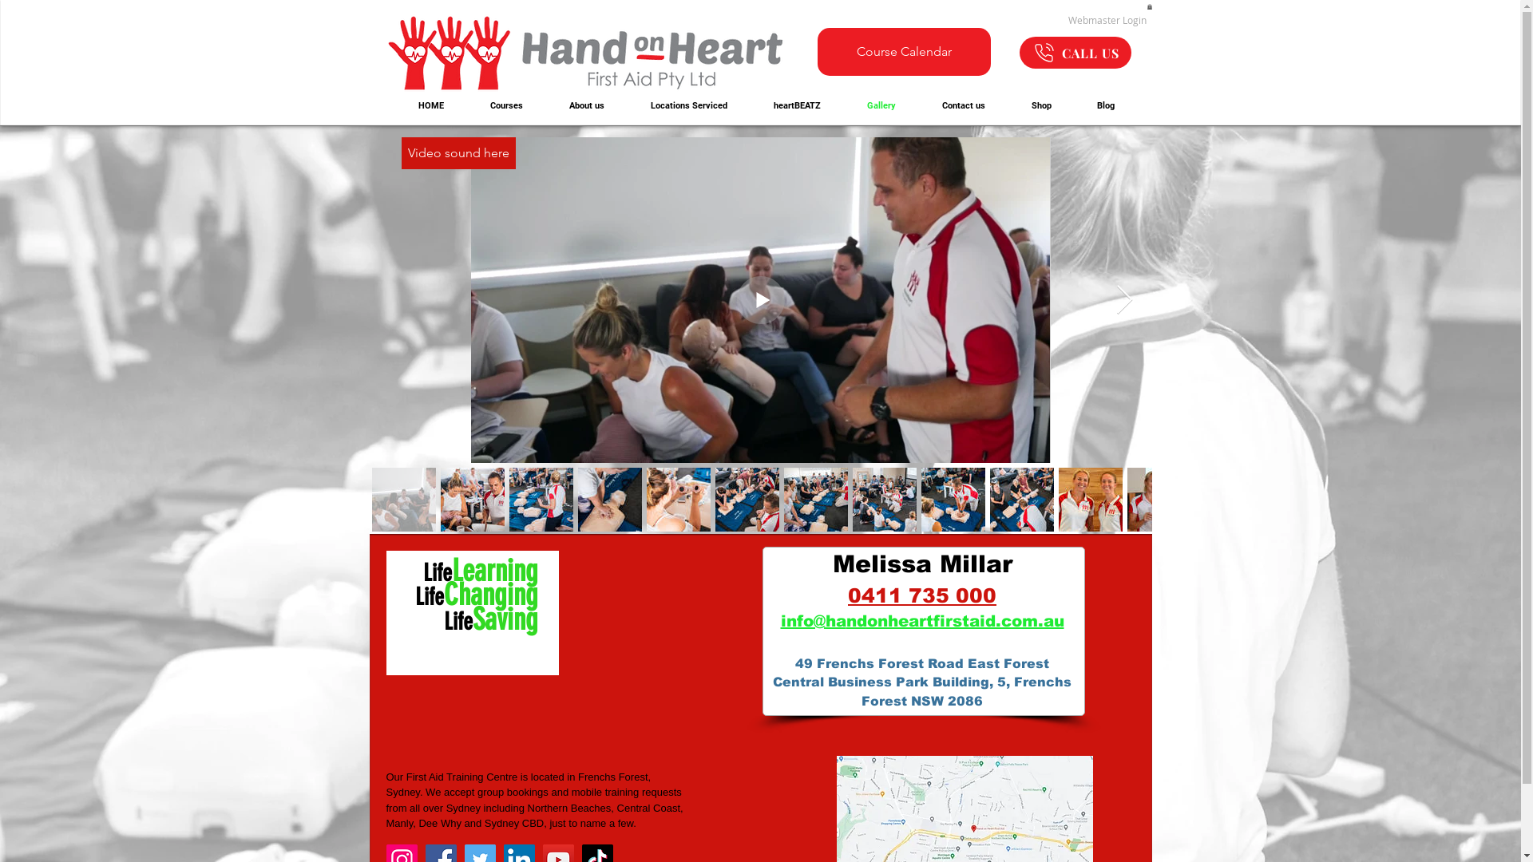 The image size is (1533, 862). What do you see at coordinates (1106, 19) in the screenshot?
I see `'Webmaster Login'` at bounding box center [1106, 19].